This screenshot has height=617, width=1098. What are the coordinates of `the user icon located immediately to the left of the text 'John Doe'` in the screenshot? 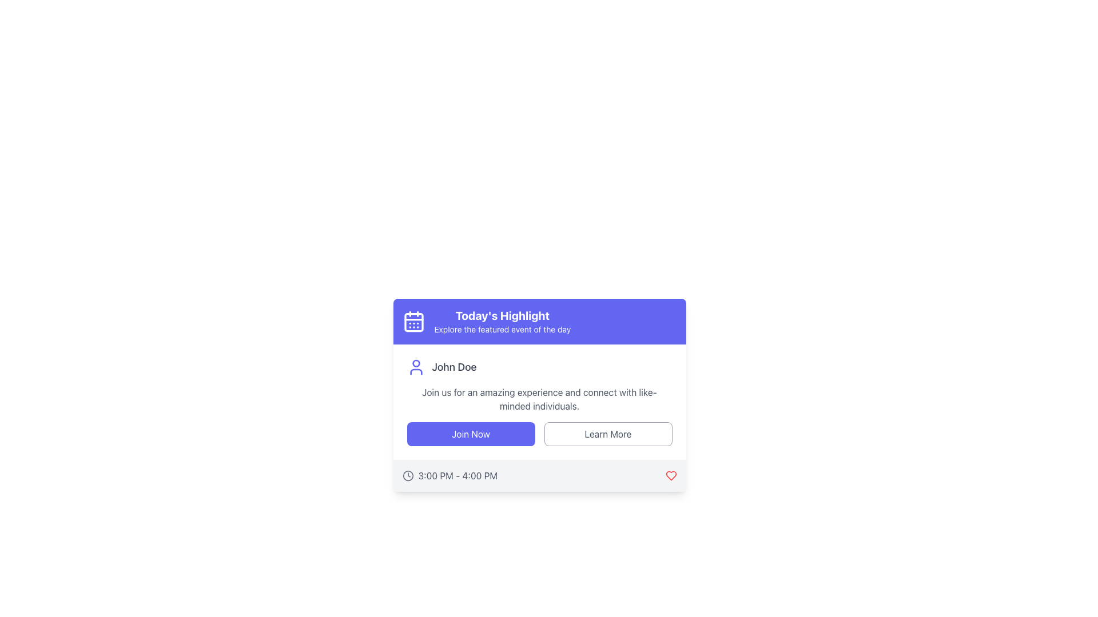 It's located at (415, 367).